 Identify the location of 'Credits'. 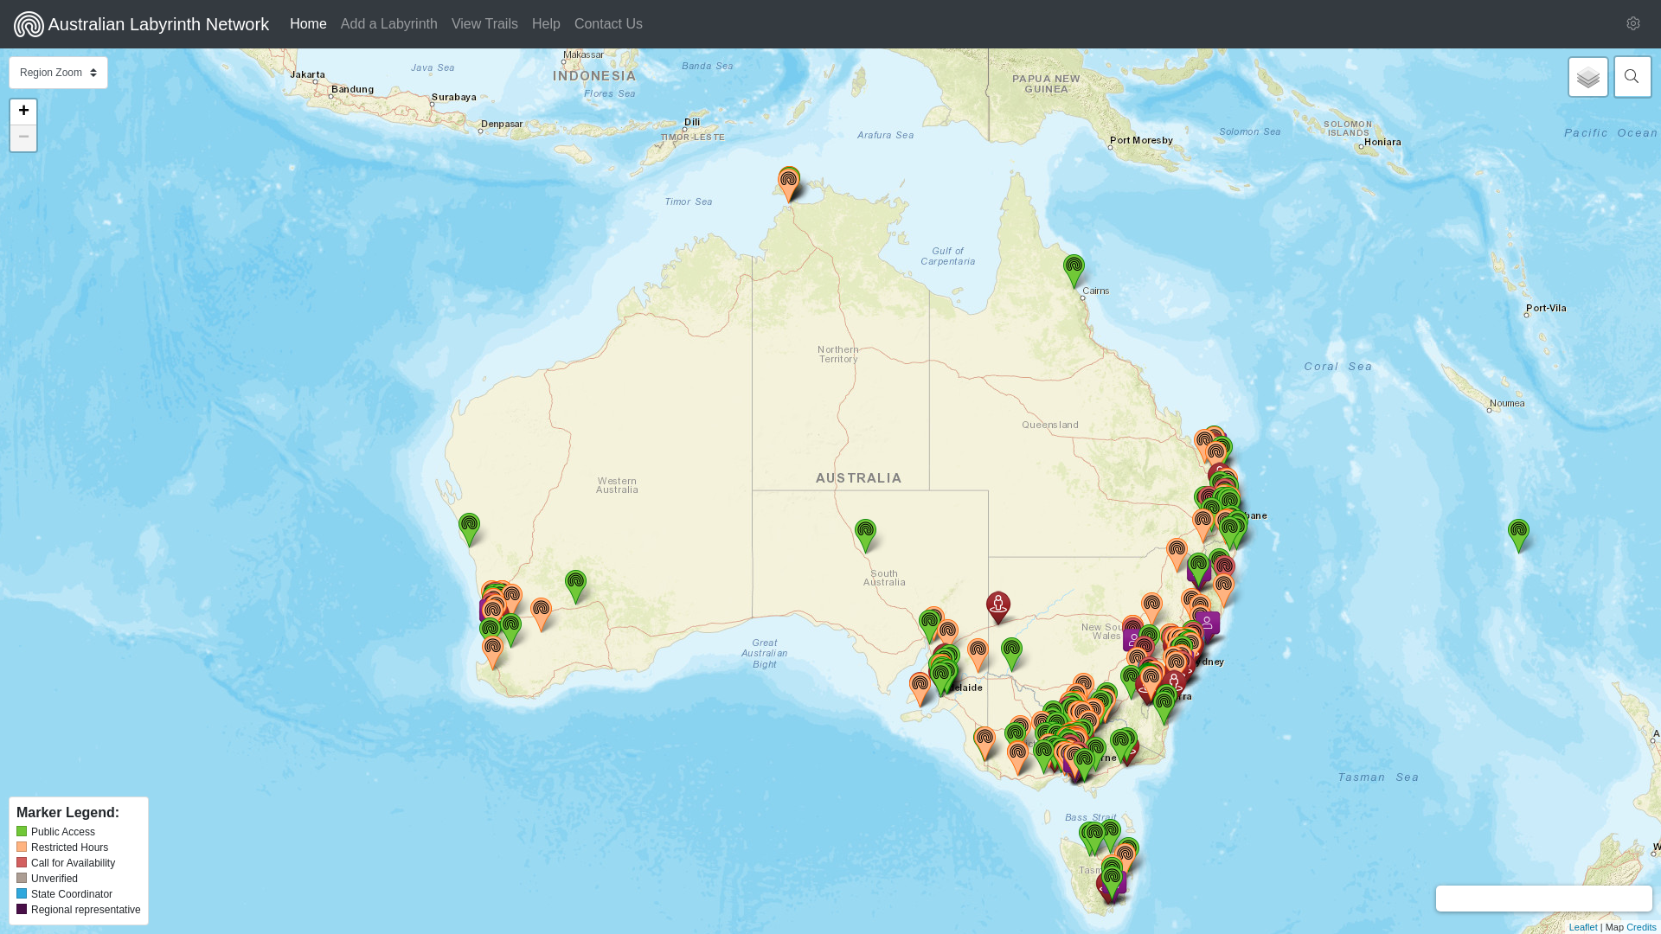
(1640, 926).